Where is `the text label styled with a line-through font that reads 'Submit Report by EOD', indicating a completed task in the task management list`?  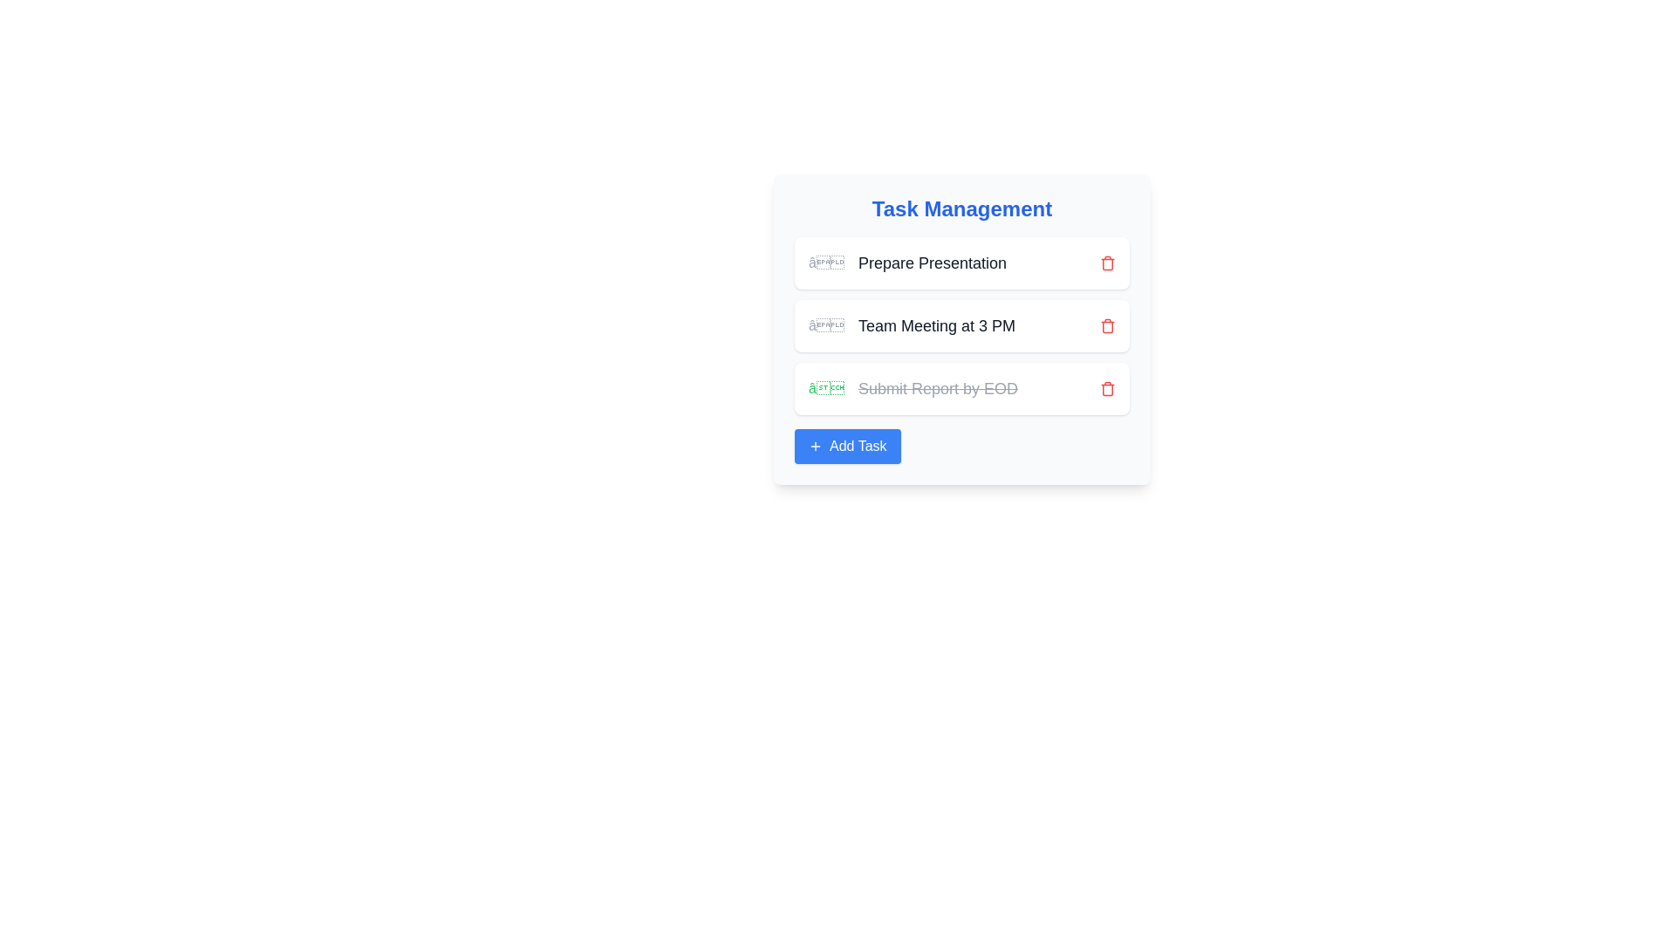
the text label styled with a line-through font that reads 'Submit Report by EOD', indicating a completed task in the task management list is located at coordinates (937, 388).